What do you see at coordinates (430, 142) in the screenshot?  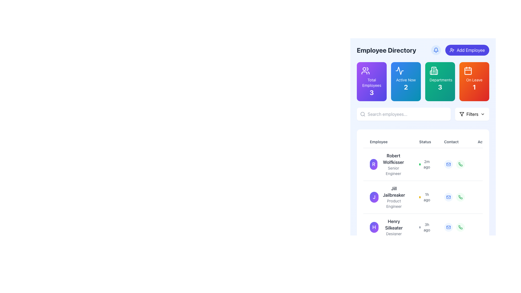 I see `text of the column header labeled 'Status' within the table header row, which is the second column header between 'Employee' and 'Contact'` at bounding box center [430, 142].